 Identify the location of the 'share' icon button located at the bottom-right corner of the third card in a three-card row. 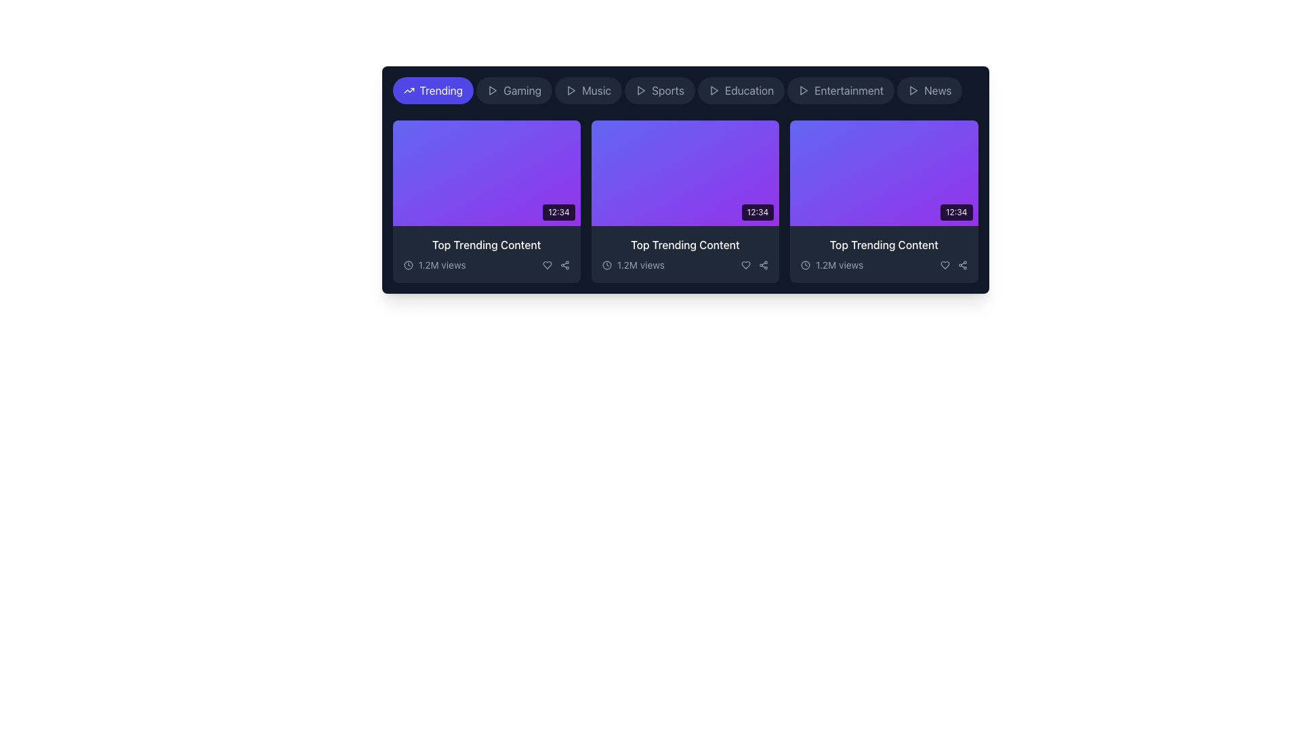
(962, 265).